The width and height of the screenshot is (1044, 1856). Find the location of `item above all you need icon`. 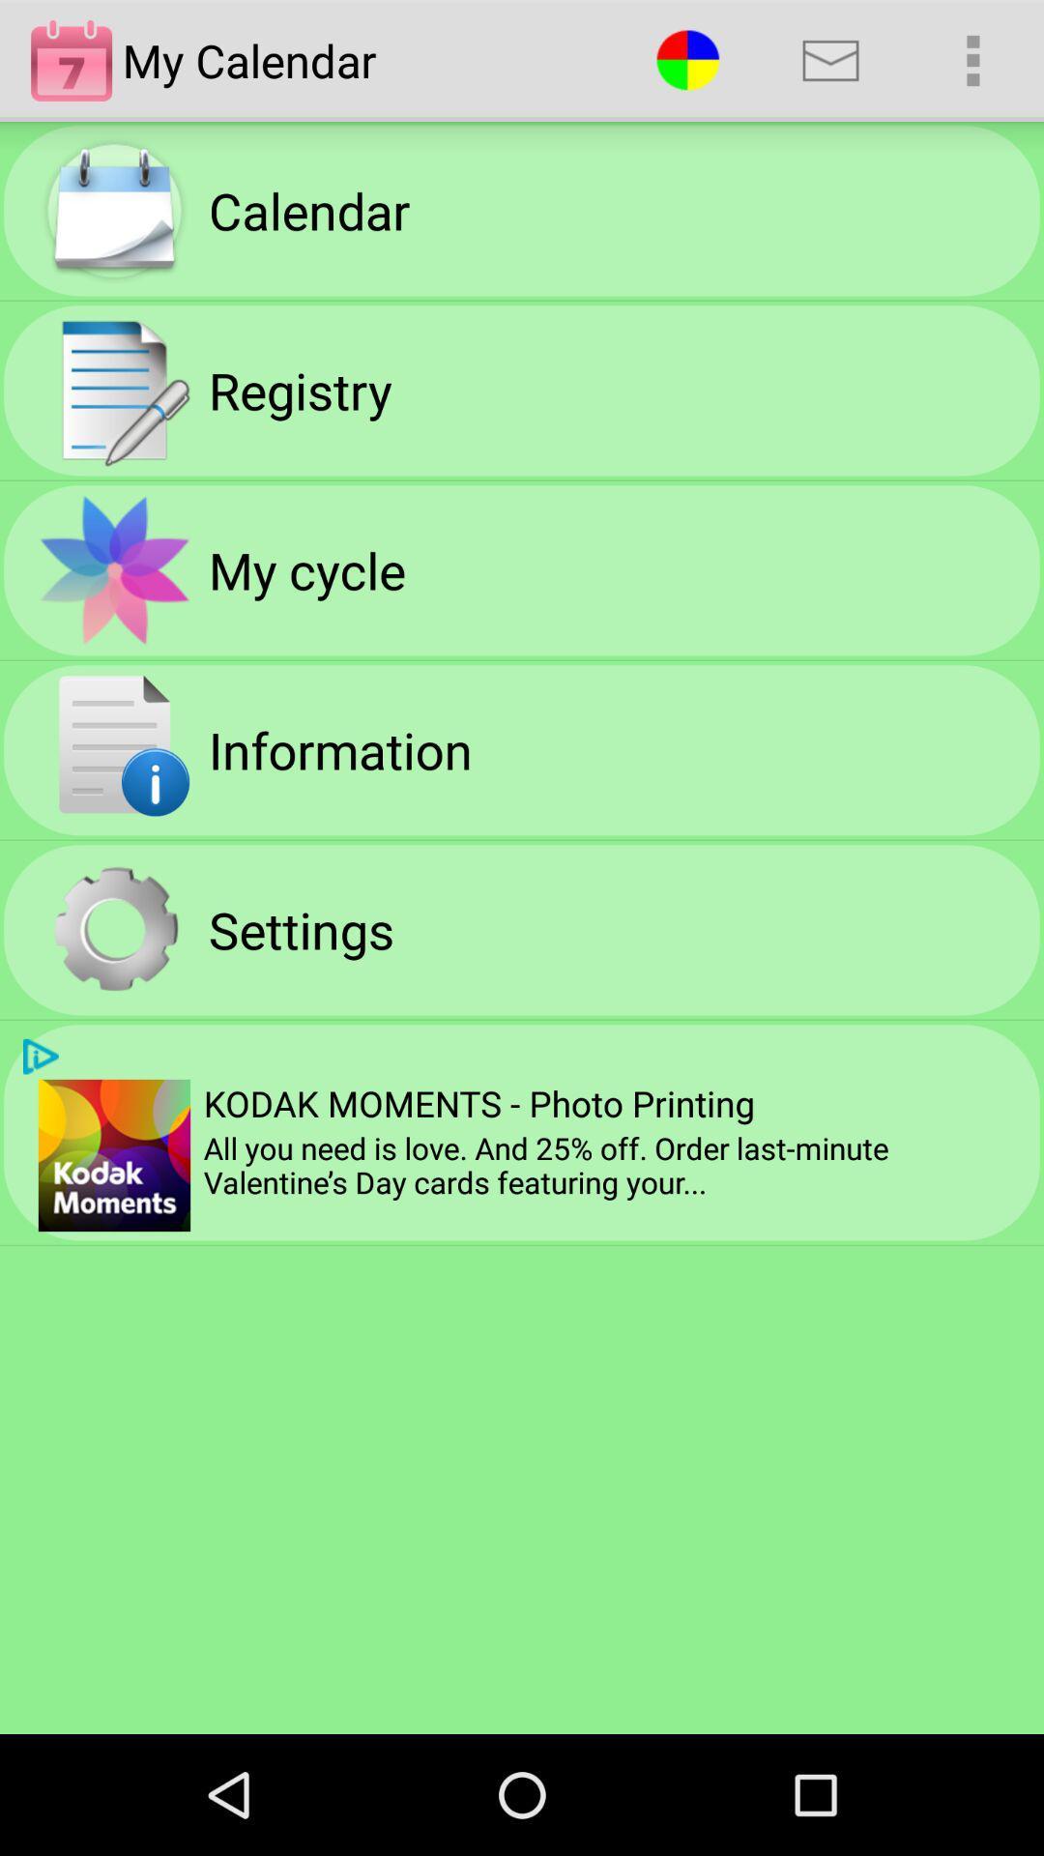

item above all you need icon is located at coordinates (478, 1103).